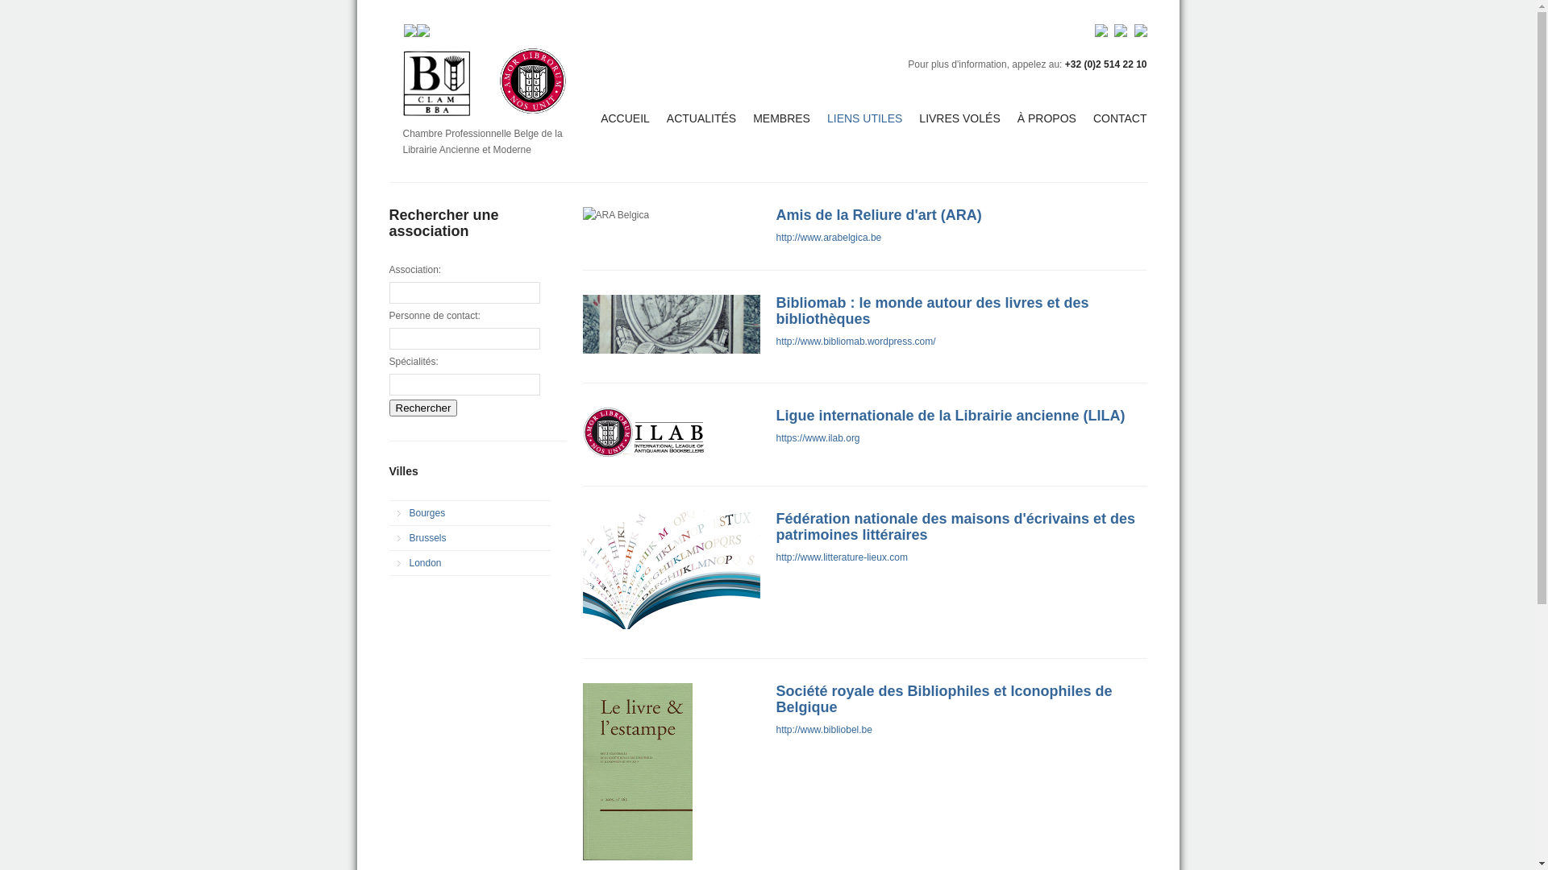 This screenshot has height=870, width=1548. Describe the element at coordinates (817, 437) in the screenshot. I see `'https://www.ilab.org'` at that location.